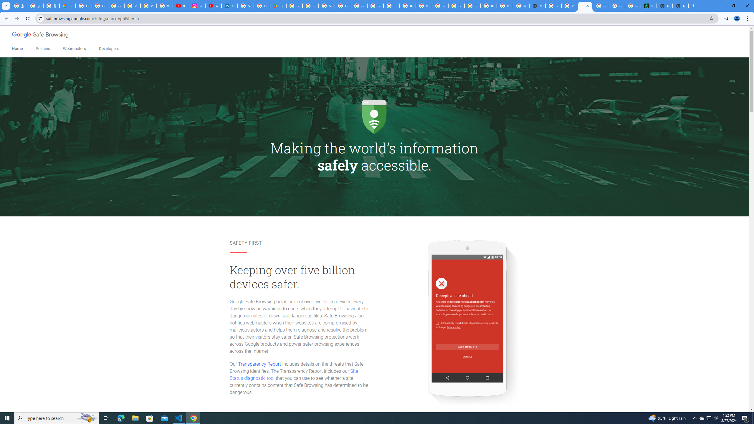  What do you see at coordinates (229, 6) in the screenshot?
I see `'Identity verification via Persona | LinkedIn Help'` at bounding box center [229, 6].